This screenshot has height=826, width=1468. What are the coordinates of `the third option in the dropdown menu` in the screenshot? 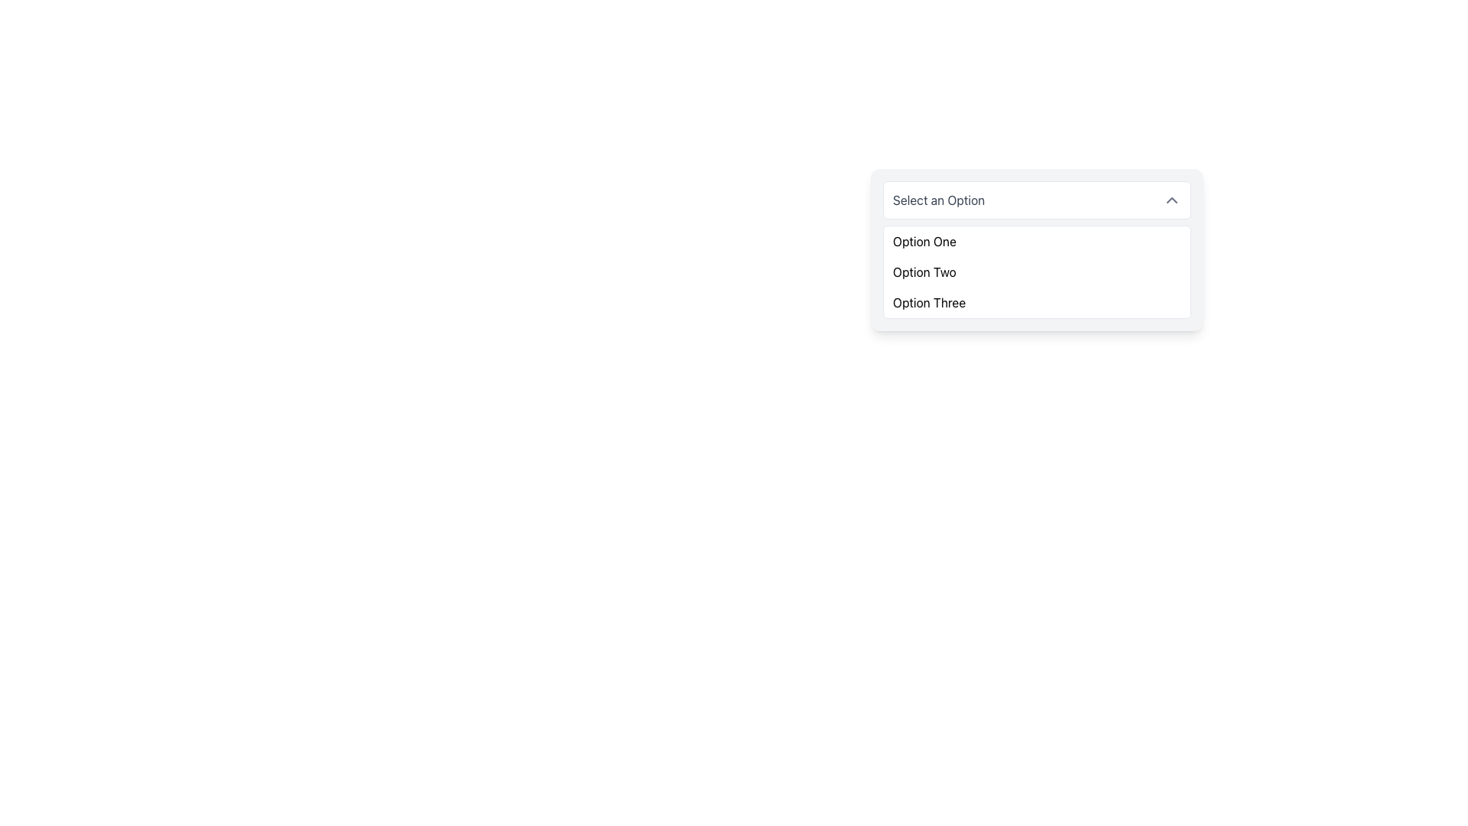 It's located at (1037, 303).